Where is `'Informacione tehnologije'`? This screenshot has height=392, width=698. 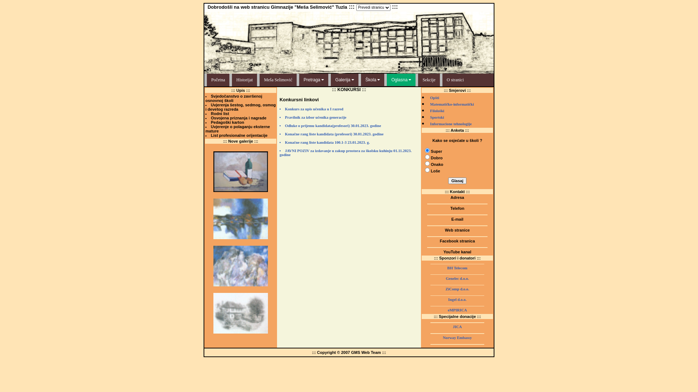
'Informacione tehnologije' is located at coordinates (450, 123).